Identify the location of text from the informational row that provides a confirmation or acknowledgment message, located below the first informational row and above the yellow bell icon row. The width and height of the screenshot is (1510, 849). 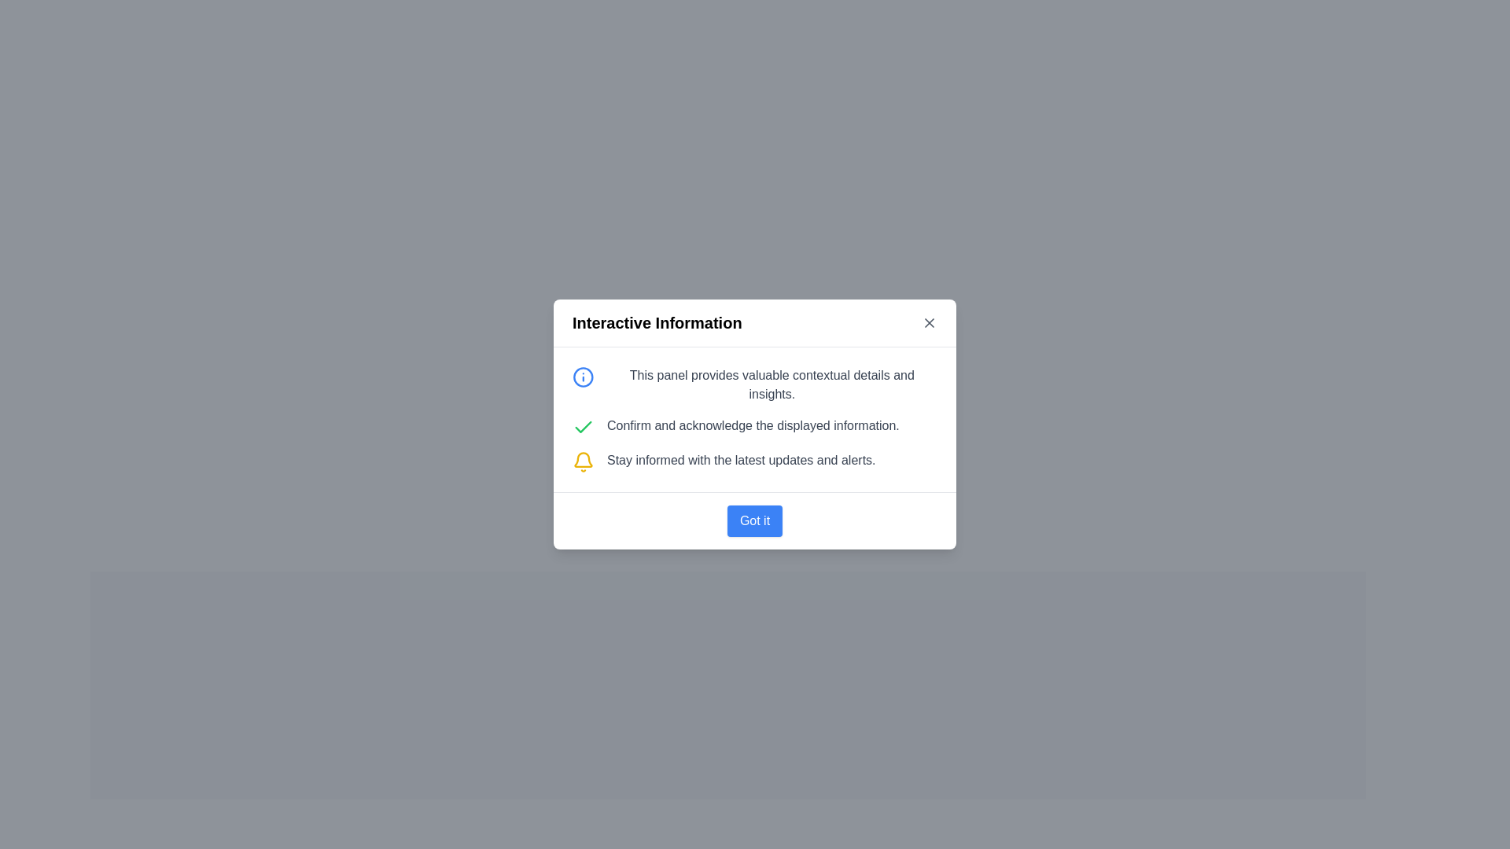
(755, 427).